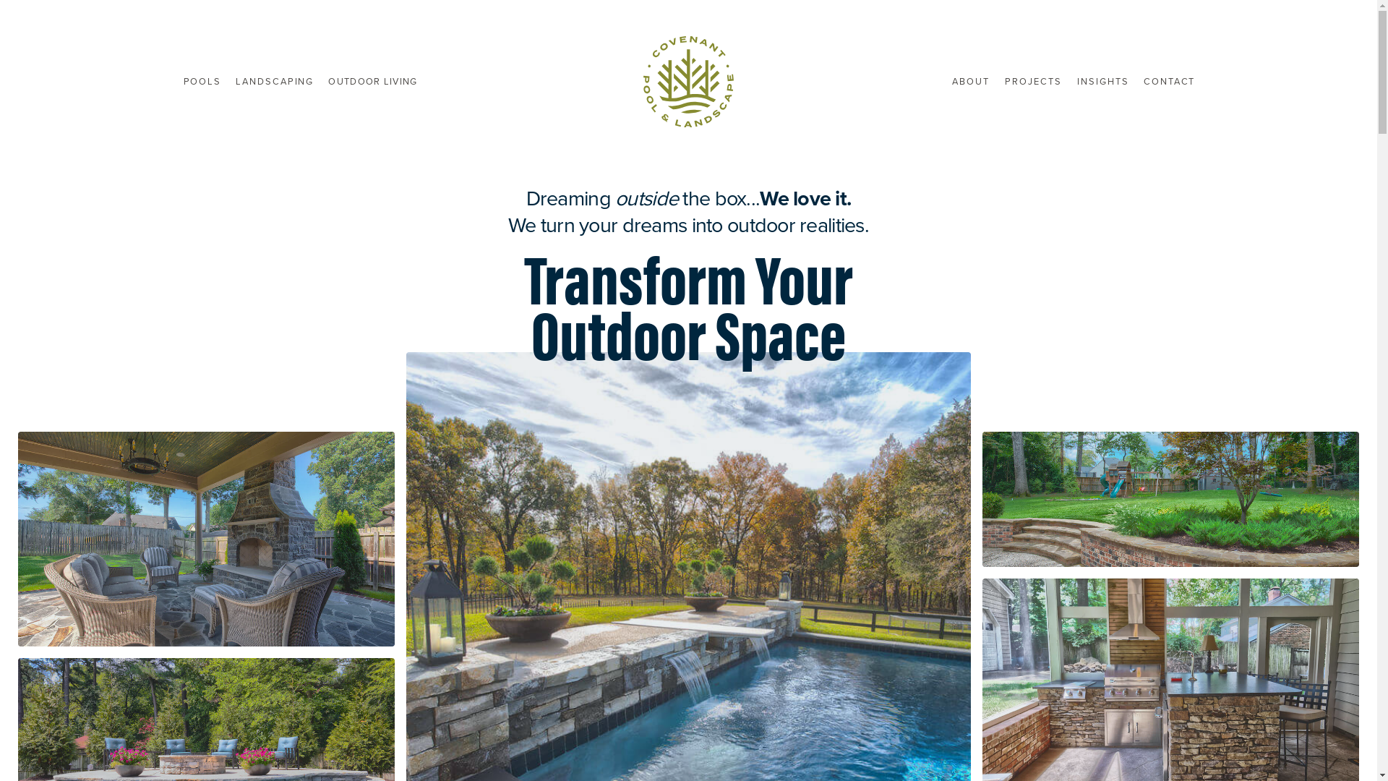 The height and width of the screenshot is (781, 1388). What do you see at coordinates (970, 82) in the screenshot?
I see `'ABOUT'` at bounding box center [970, 82].